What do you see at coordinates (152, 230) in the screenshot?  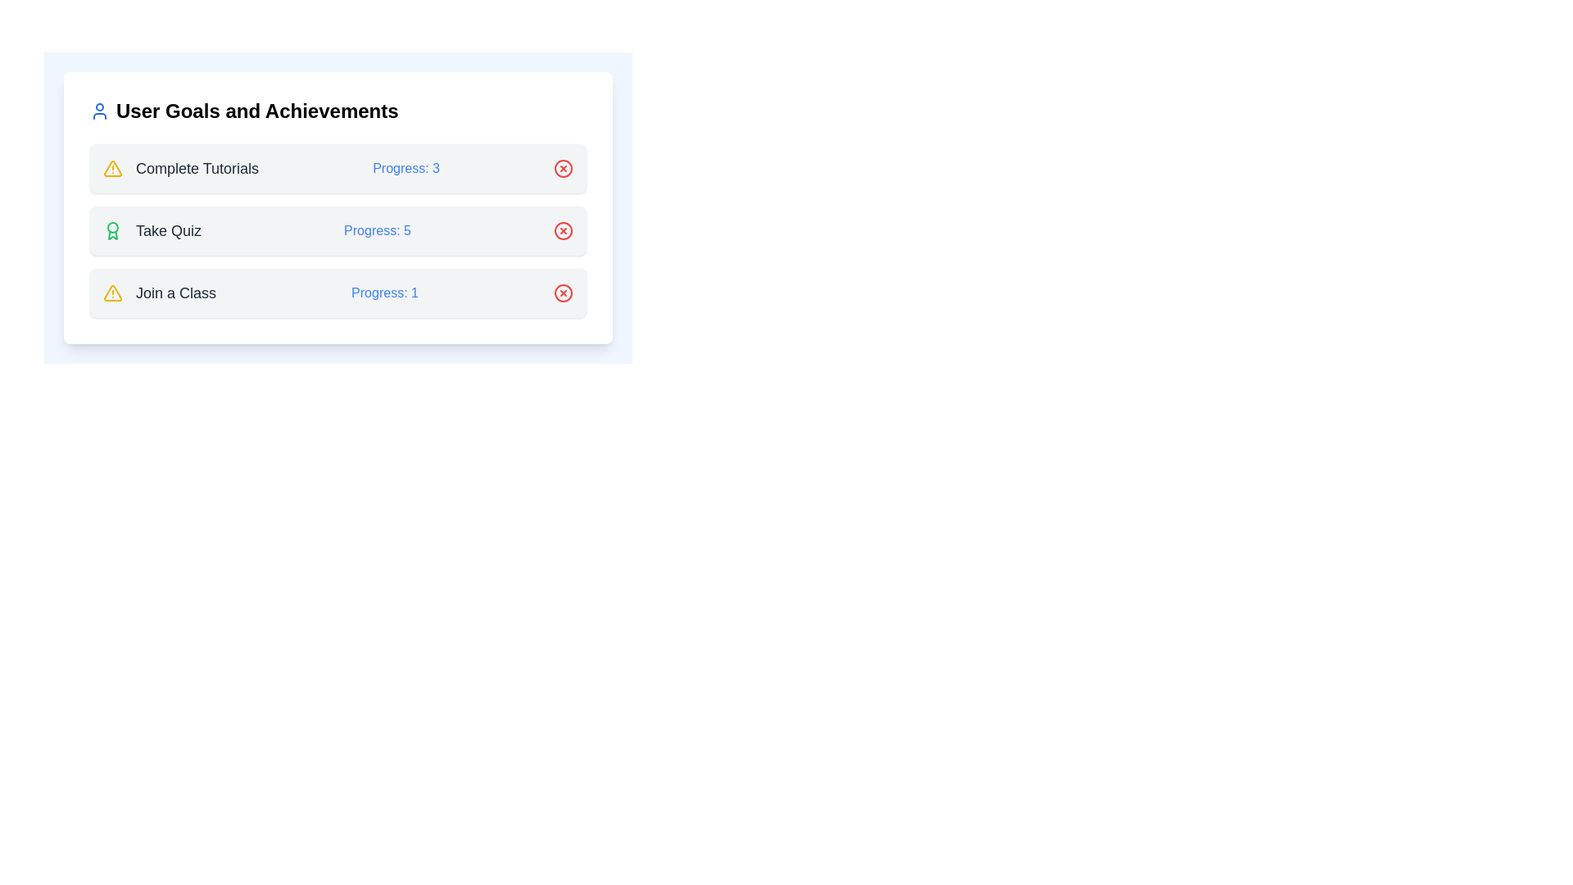 I see `the icon next to the 'Take a quiz' text element in the second row of the 'User Goals and Achievements' card layout for additional actions` at bounding box center [152, 230].